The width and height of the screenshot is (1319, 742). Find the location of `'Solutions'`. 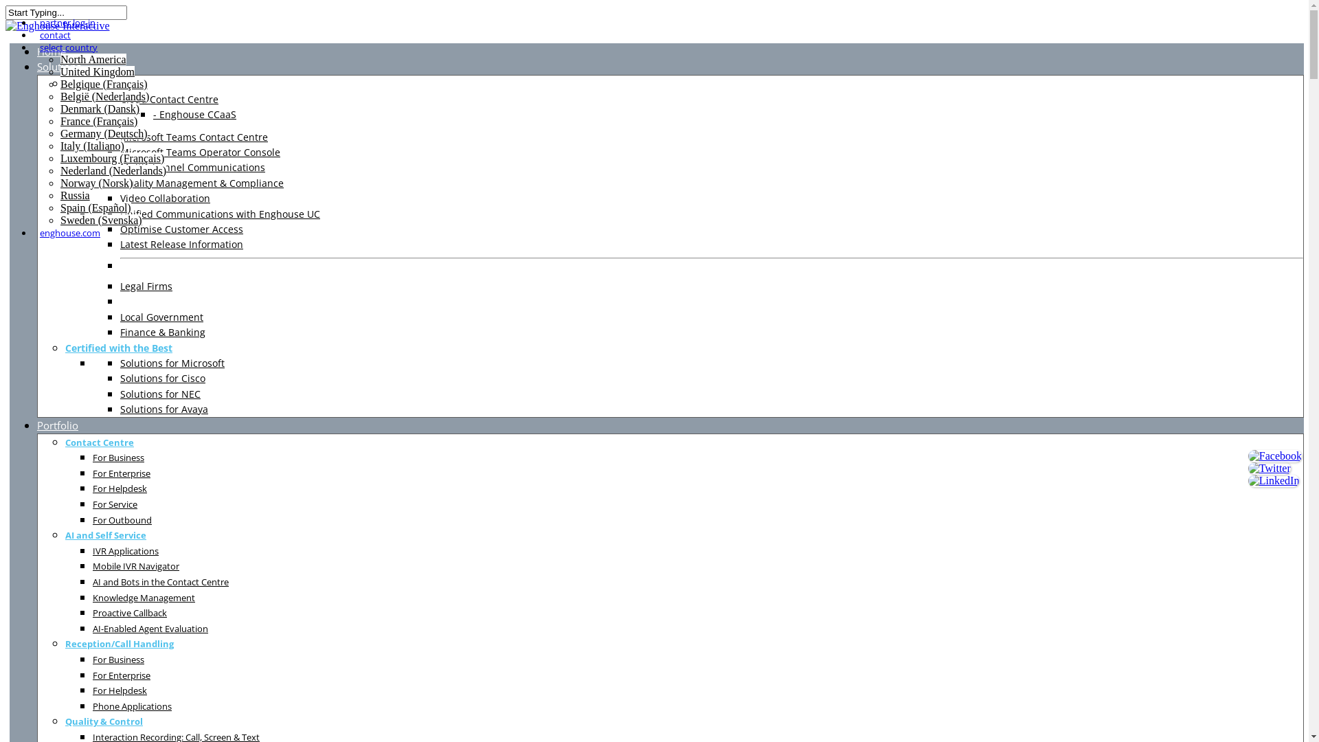

'Solutions' is located at coordinates (58, 66).